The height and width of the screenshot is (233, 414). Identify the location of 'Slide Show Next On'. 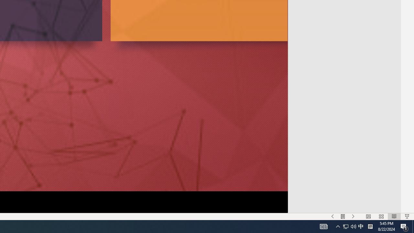
(353, 216).